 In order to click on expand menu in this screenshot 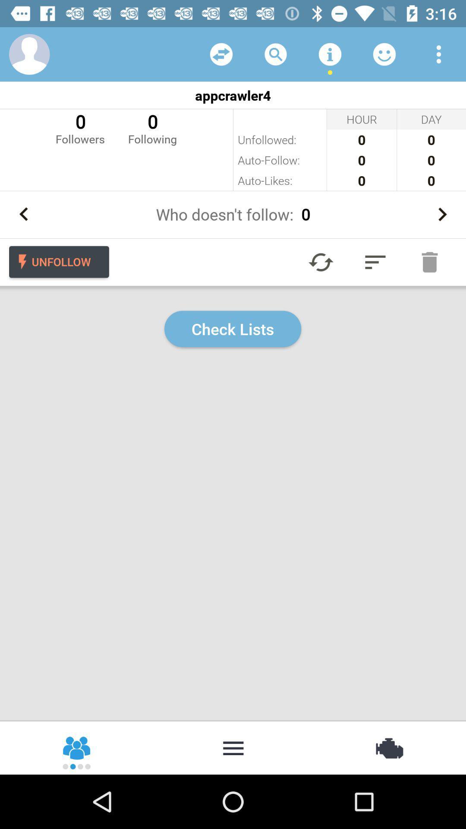, I will do `click(375, 262)`.